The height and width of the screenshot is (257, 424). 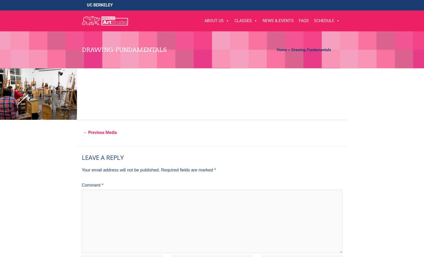 What do you see at coordinates (324, 20) in the screenshot?
I see `'Schedule'` at bounding box center [324, 20].